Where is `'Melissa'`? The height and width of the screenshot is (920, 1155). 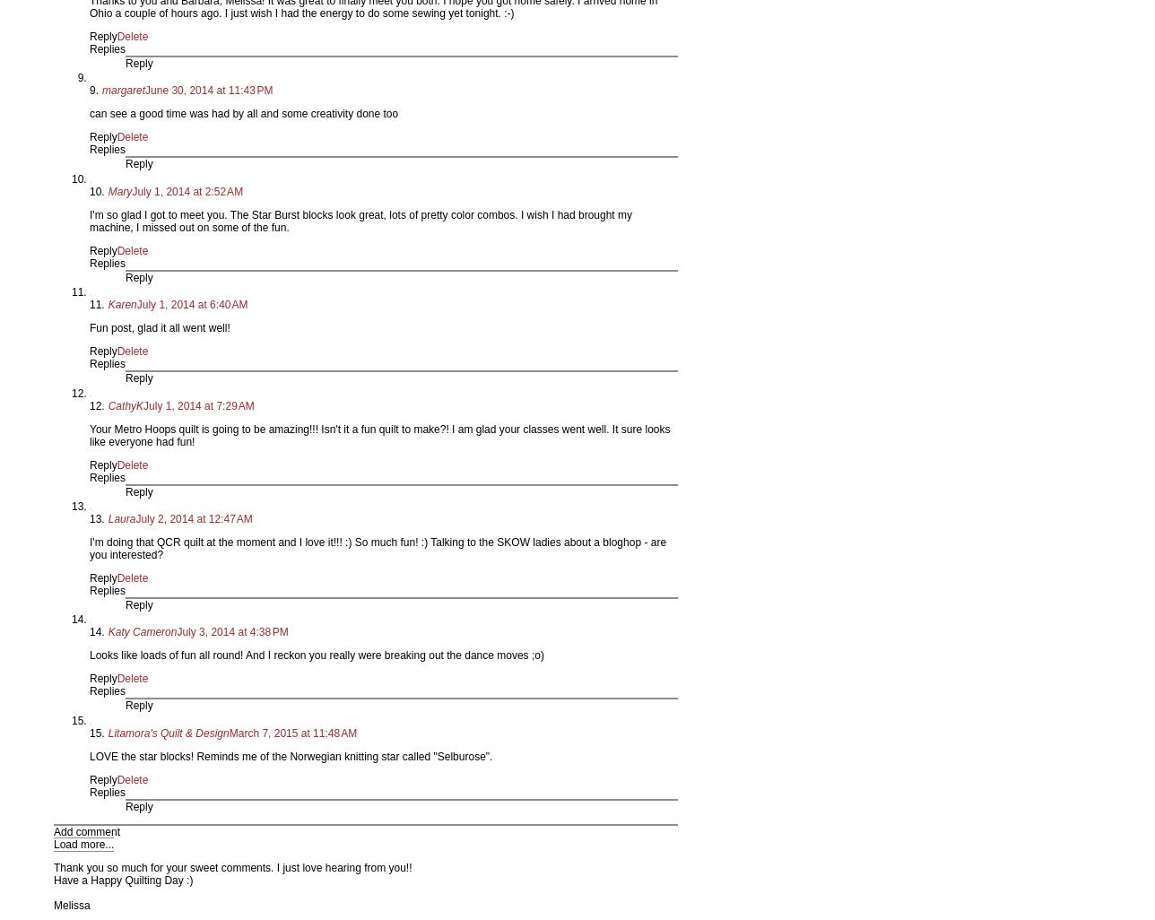
'Melissa' is located at coordinates (71, 903).